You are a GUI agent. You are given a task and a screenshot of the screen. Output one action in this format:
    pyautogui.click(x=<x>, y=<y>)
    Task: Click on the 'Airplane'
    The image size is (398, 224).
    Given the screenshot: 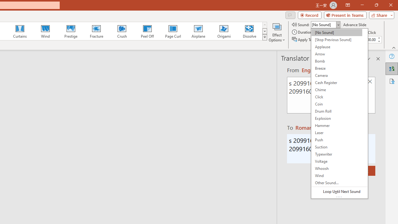 What is the action you would take?
    pyautogui.click(x=198, y=31)
    